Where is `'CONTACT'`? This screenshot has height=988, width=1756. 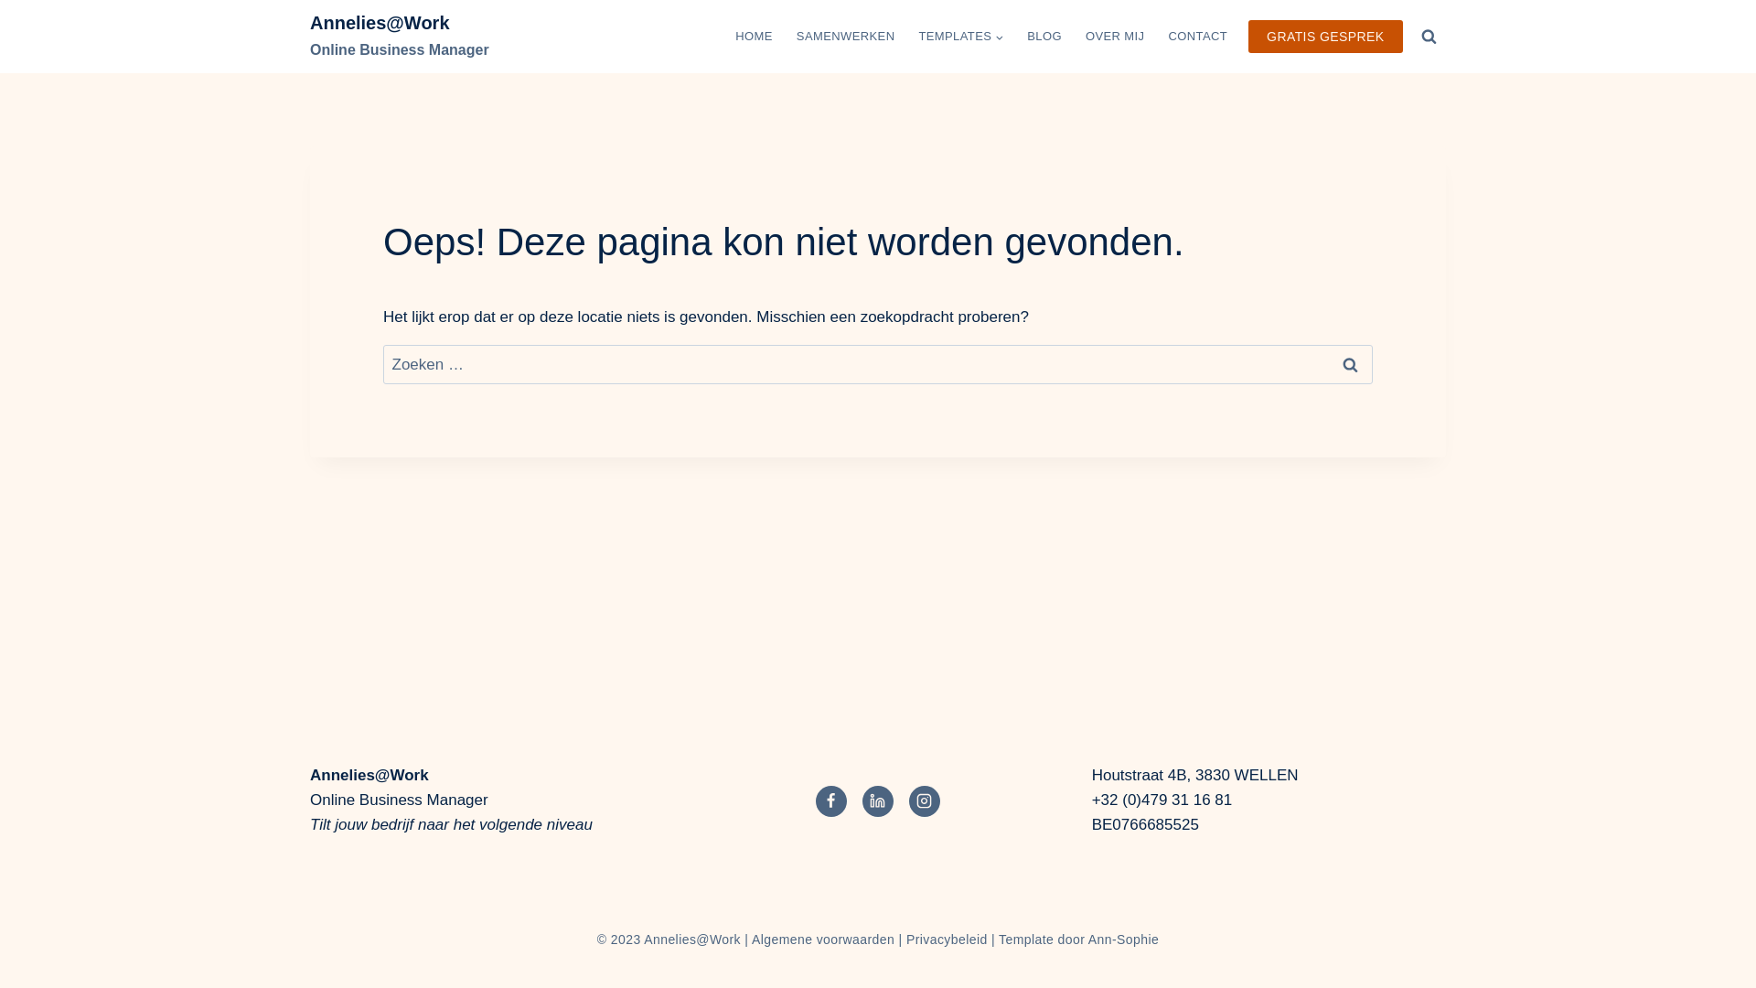
'CONTACT' is located at coordinates (1197, 36).